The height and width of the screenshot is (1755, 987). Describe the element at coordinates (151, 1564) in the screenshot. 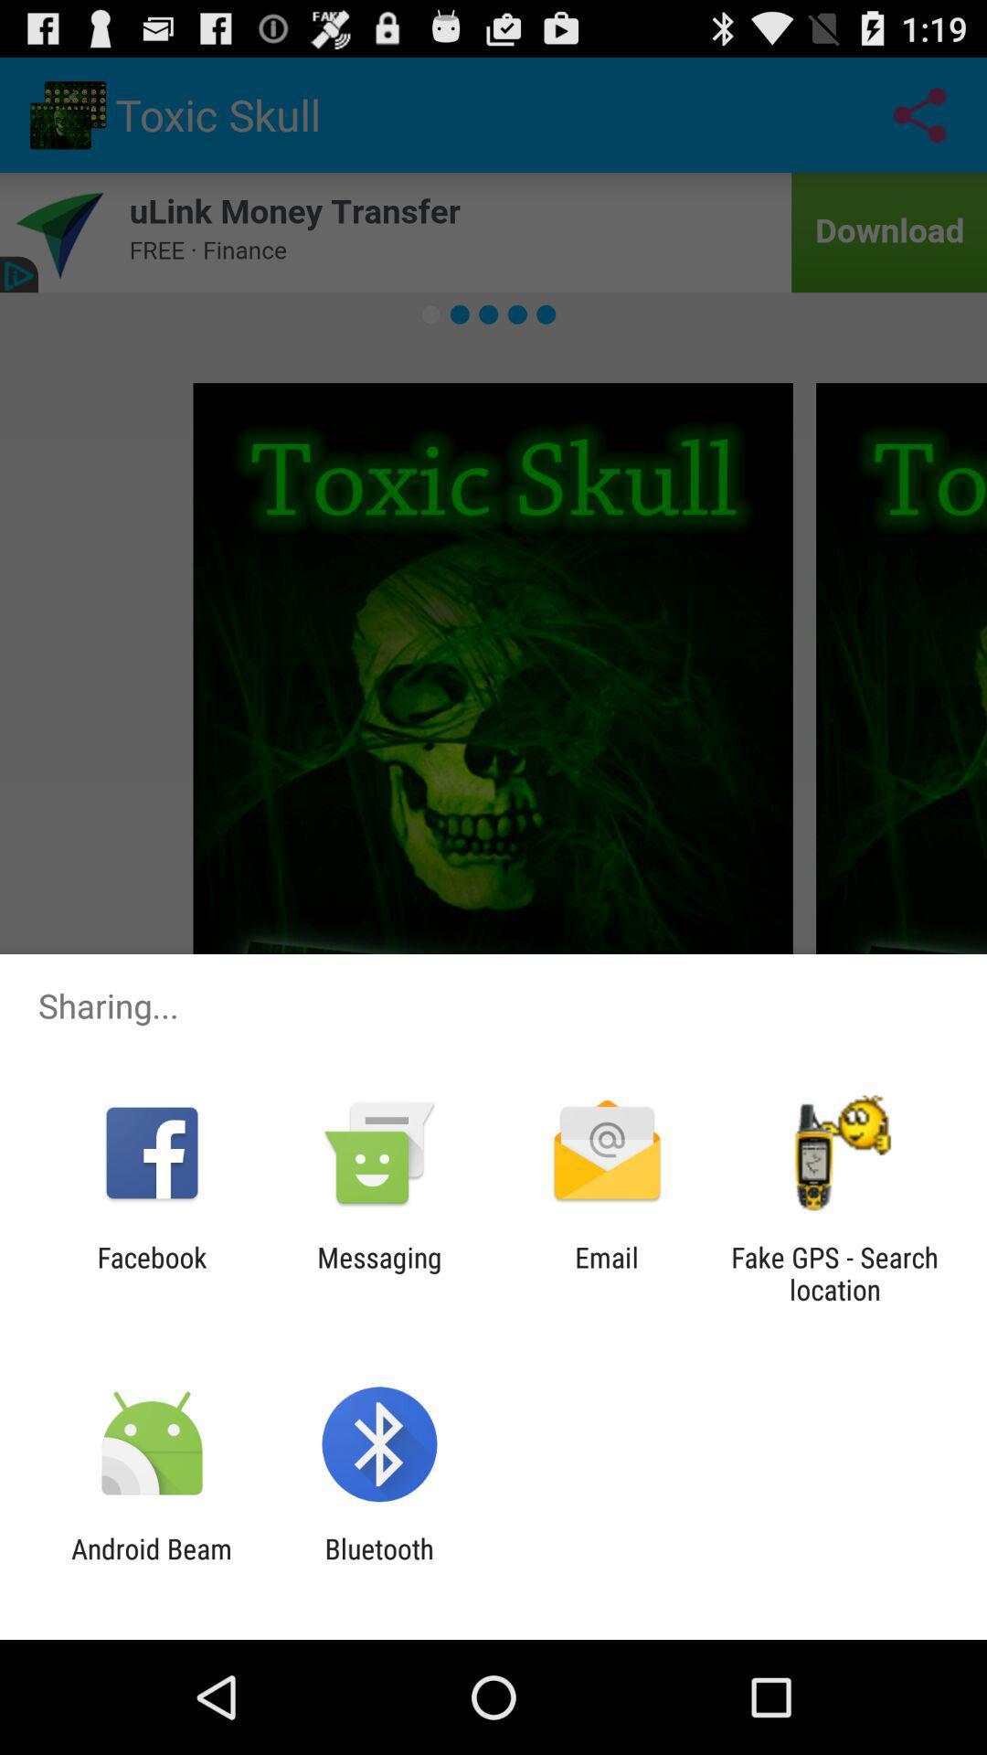

I see `app to the left of the bluetooth app` at that location.